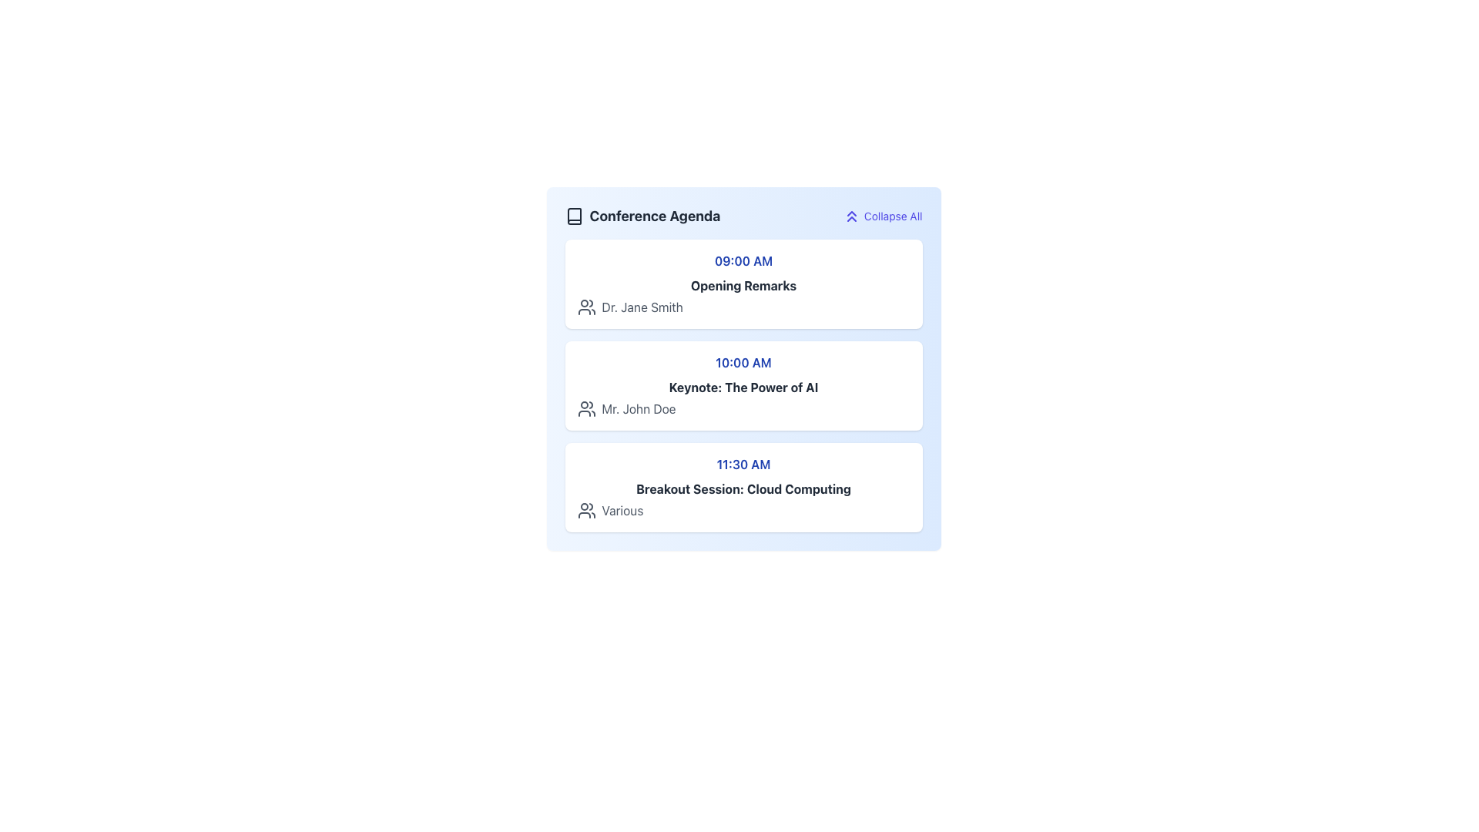 The height and width of the screenshot is (832, 1479). I want to click on the text field that displays the time of the scheduled session, located before the text 'Breakout Session: Cloud Computing Various' in the agenda card, so click(743, 463).